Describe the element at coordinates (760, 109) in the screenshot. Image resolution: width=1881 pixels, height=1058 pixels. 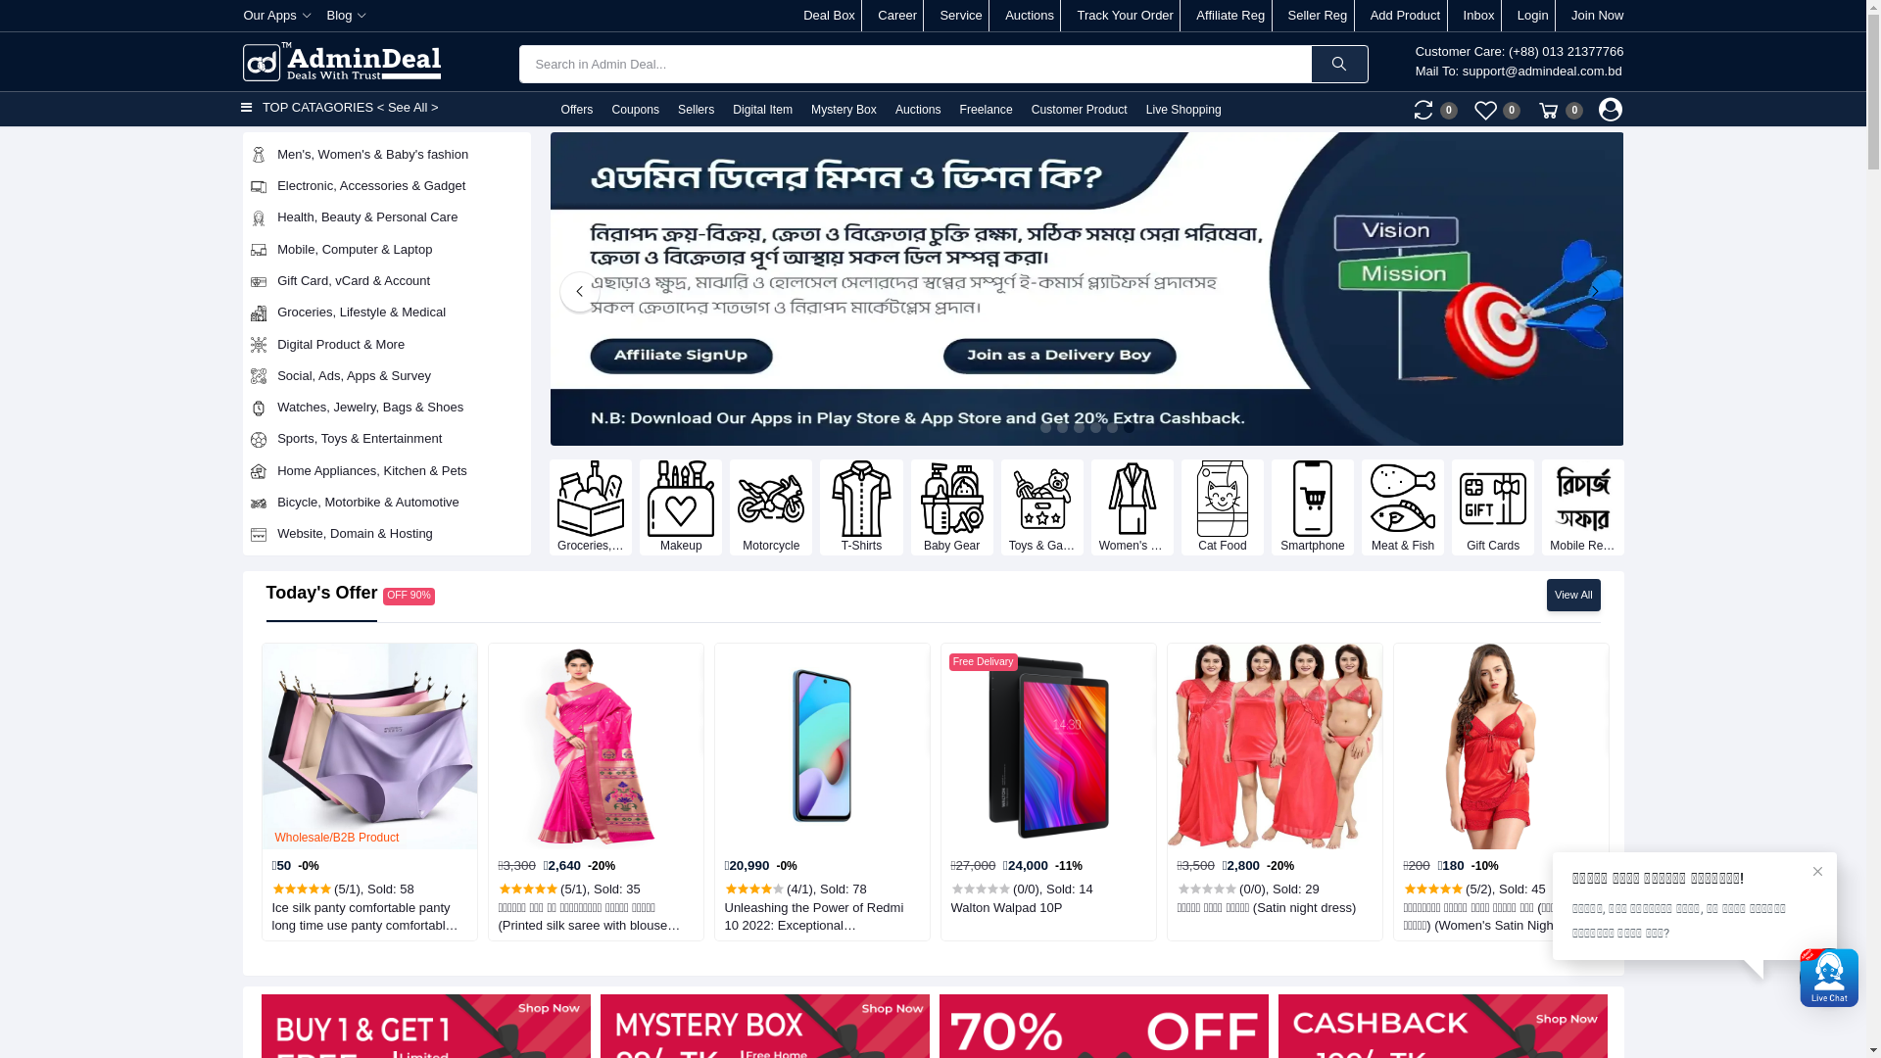
I see `'Digital Item'` at that location.